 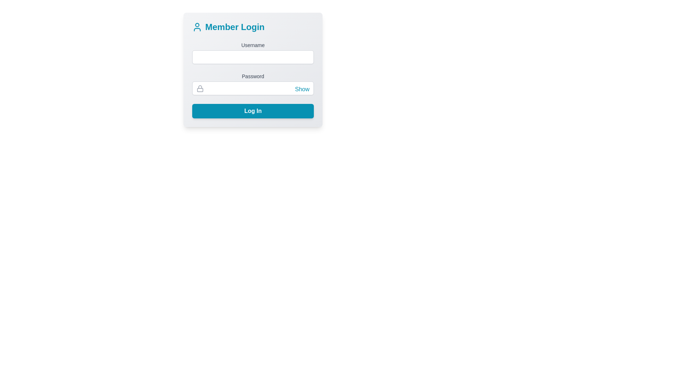 What do you see at coordinates (200, 89) in the screenshot?
I see `the lower part of the lock icon, which is a small rectangular shape with slightly rounded corners, located to the left of the password input field in the login form` at bounding box center [200, 89].